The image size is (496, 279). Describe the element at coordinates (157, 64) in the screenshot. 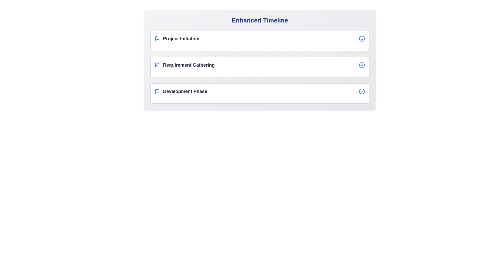

I see `the interactive icon located to the left of the 'Requirement Gathering' text within the timeline section` at that location.